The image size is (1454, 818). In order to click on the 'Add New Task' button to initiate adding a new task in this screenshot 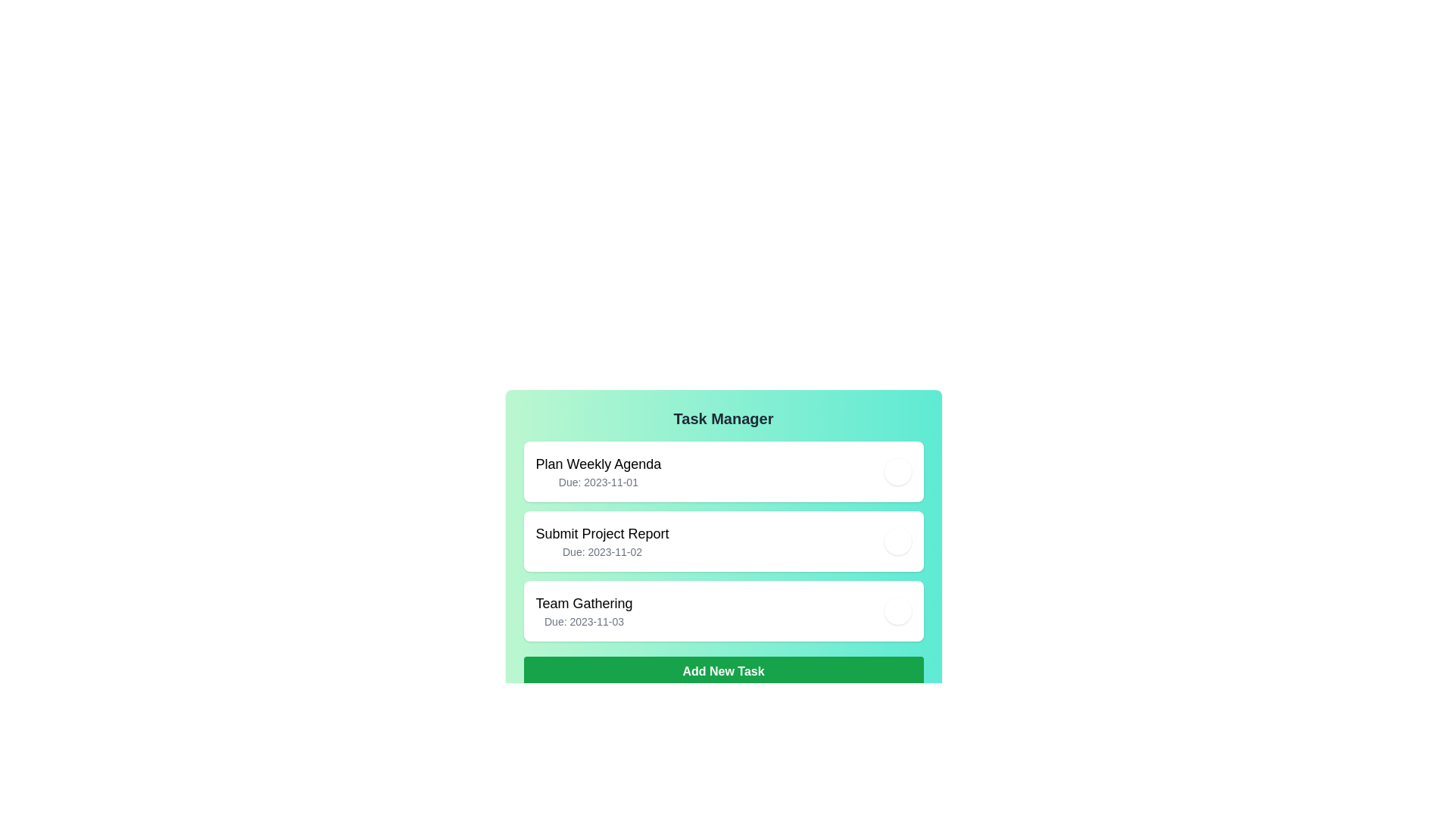, I will do `click(722, 671)`.